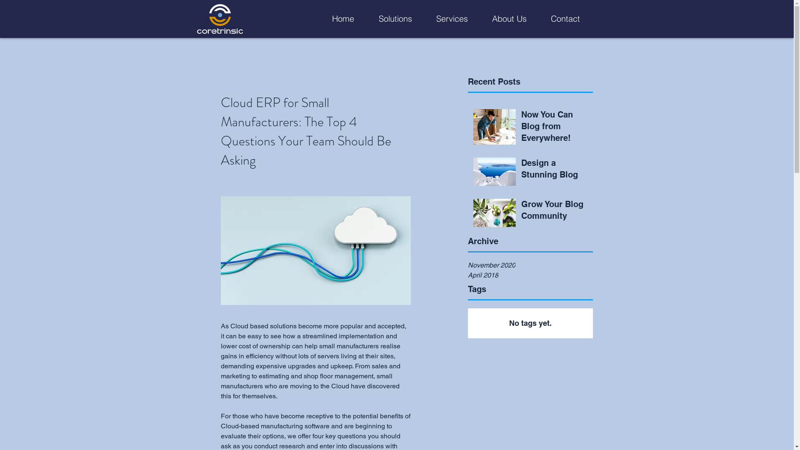  I want to click on 'Design a Stunning Blog', so click(554, 170).